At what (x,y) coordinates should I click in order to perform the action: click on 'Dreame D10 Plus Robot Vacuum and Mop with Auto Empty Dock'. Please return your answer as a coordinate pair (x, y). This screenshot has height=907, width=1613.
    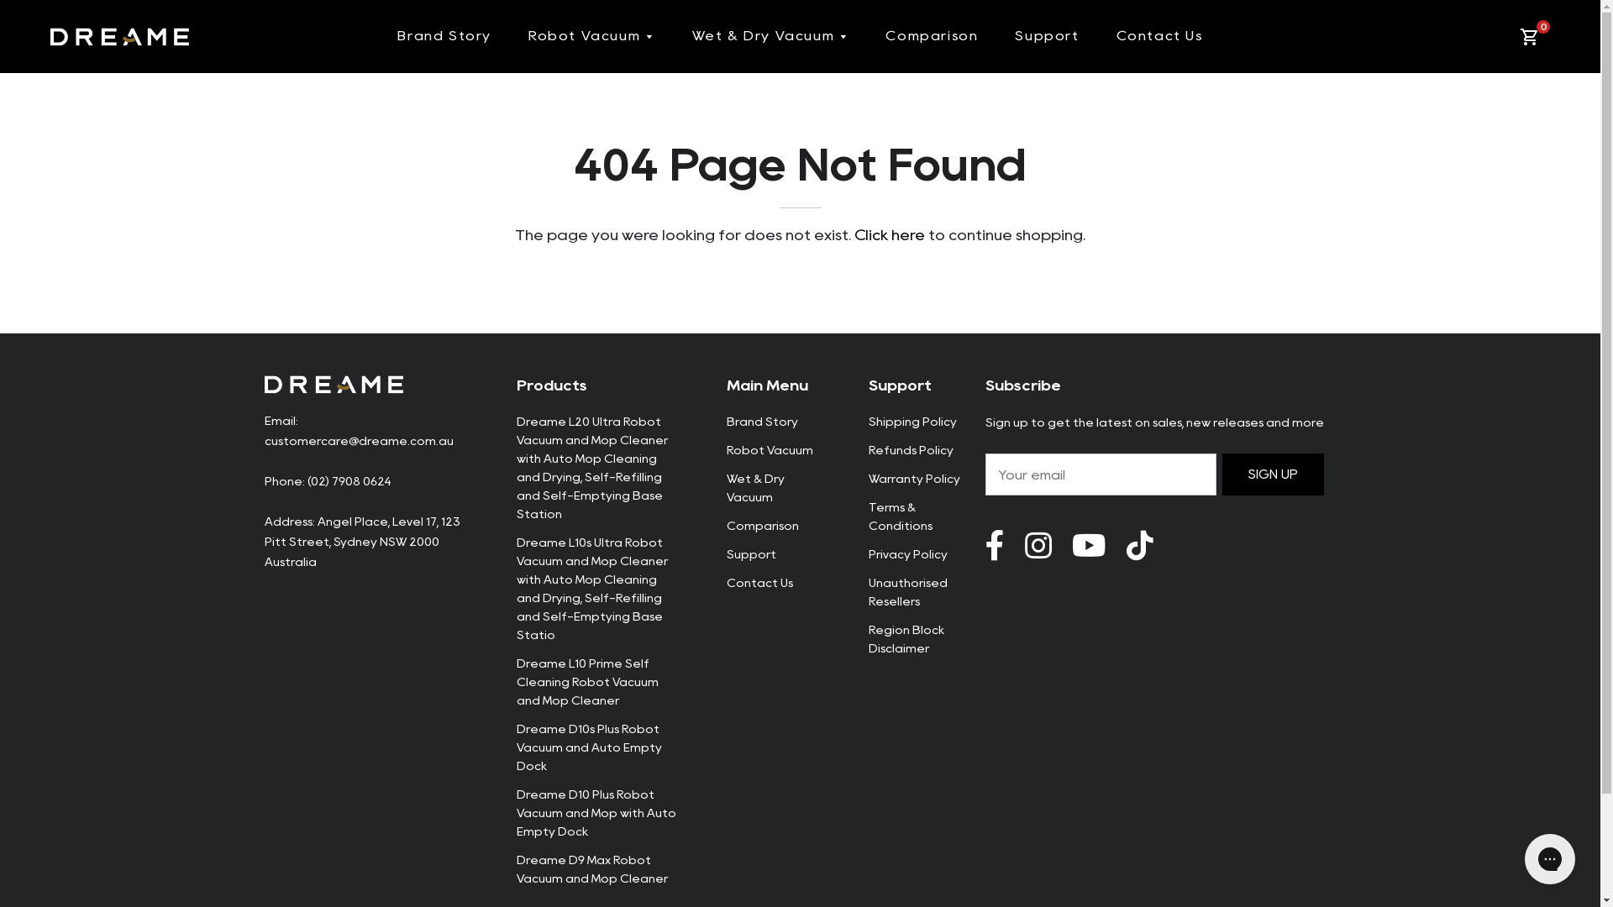
    Looking at the image, I should click on (596, 812).